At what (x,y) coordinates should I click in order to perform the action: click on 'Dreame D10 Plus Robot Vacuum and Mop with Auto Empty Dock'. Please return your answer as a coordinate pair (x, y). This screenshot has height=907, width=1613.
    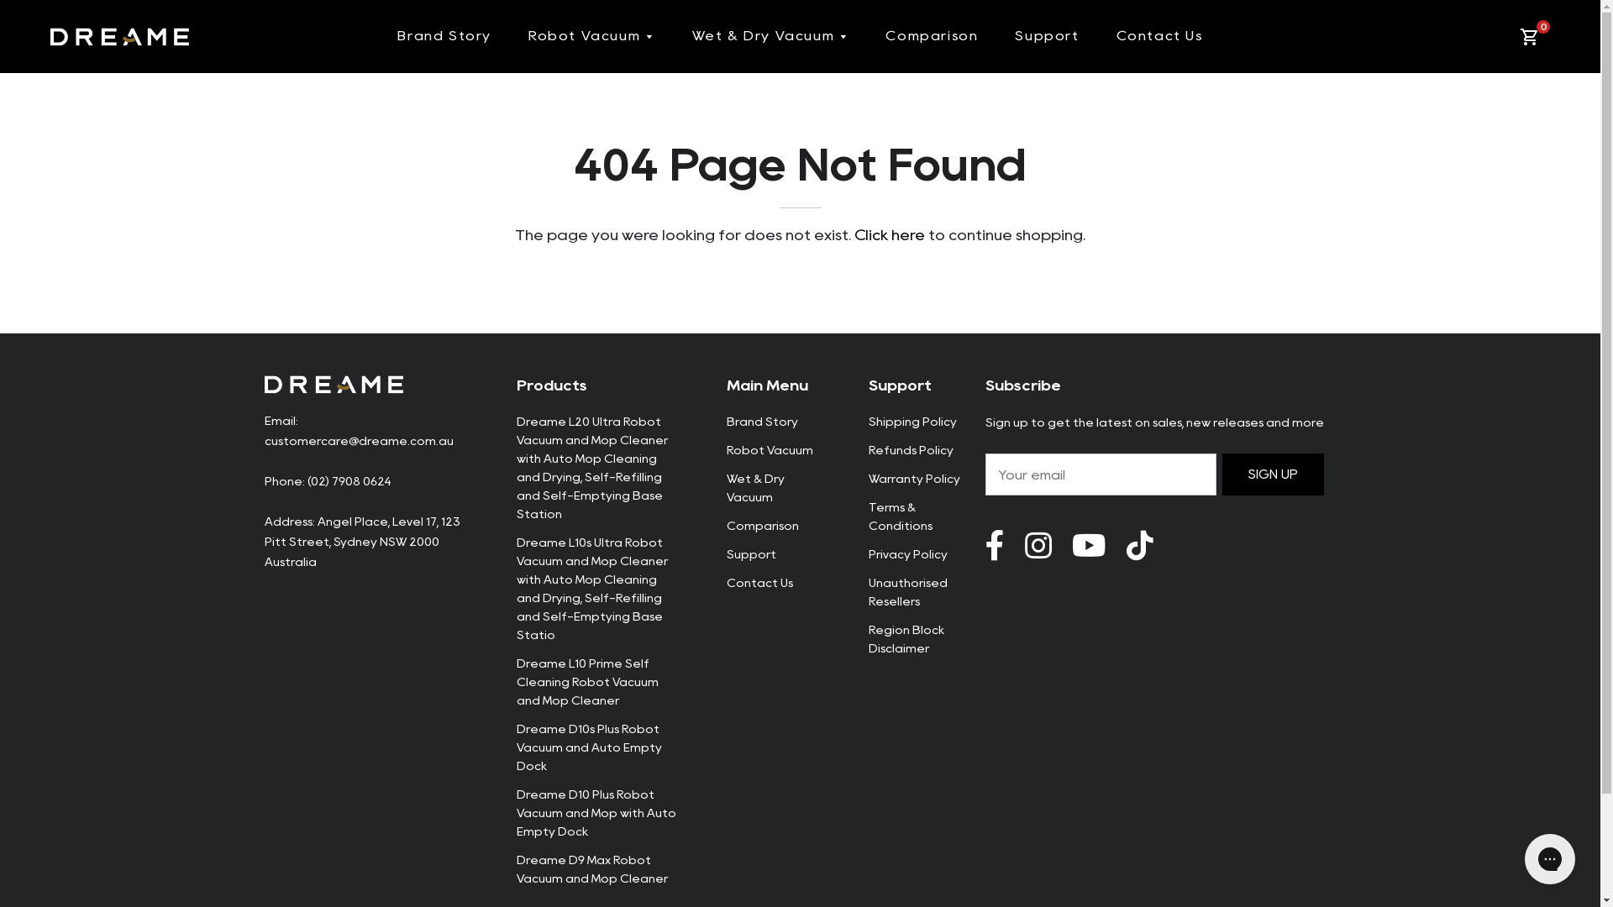
    Looking at the image, I should click on (596, 812).